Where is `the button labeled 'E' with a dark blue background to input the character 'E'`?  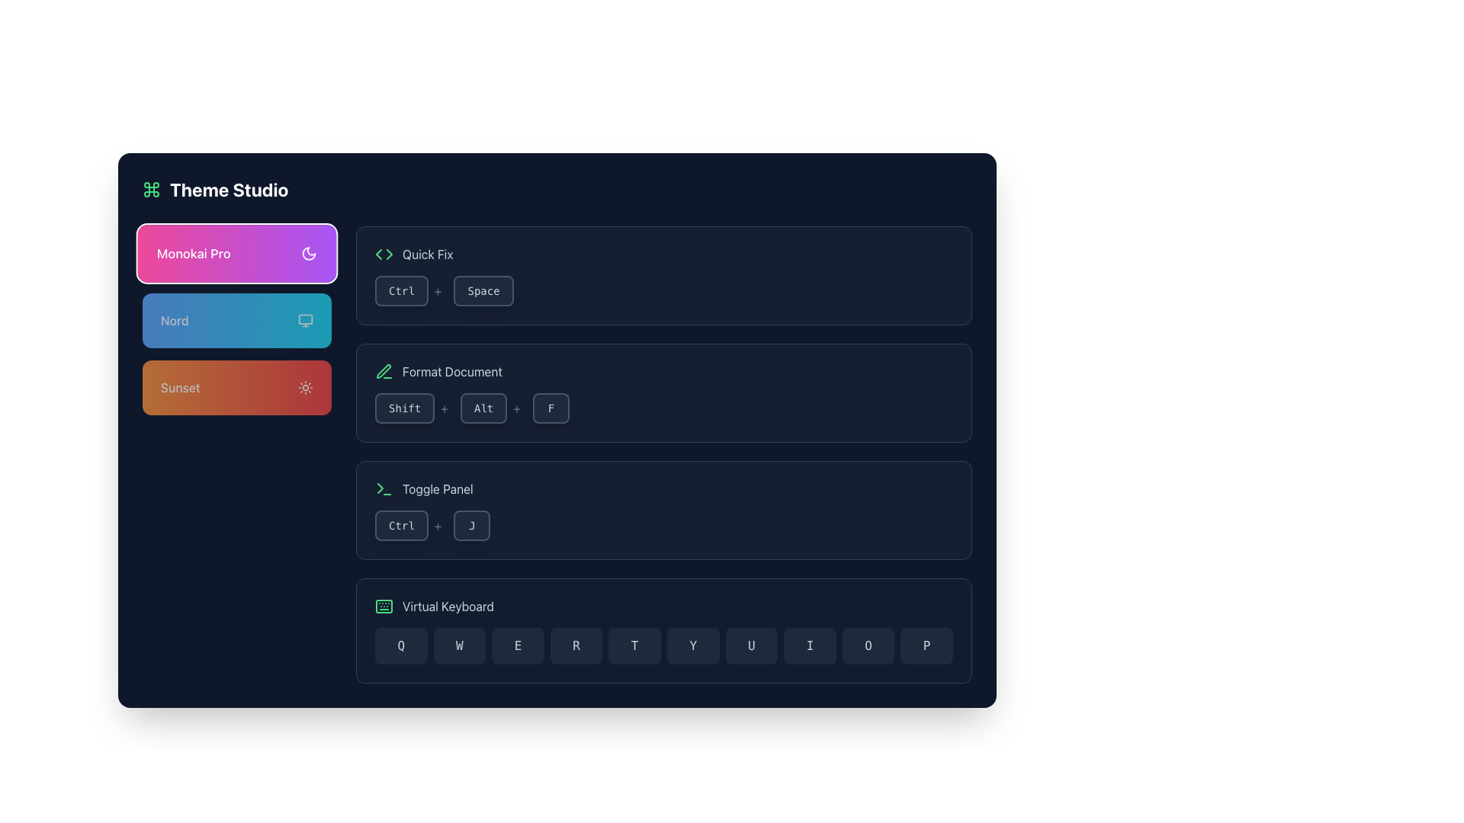
the button labeled 'E' with a dark blue background to input the character 'E' is located at coordinates (518, 646).